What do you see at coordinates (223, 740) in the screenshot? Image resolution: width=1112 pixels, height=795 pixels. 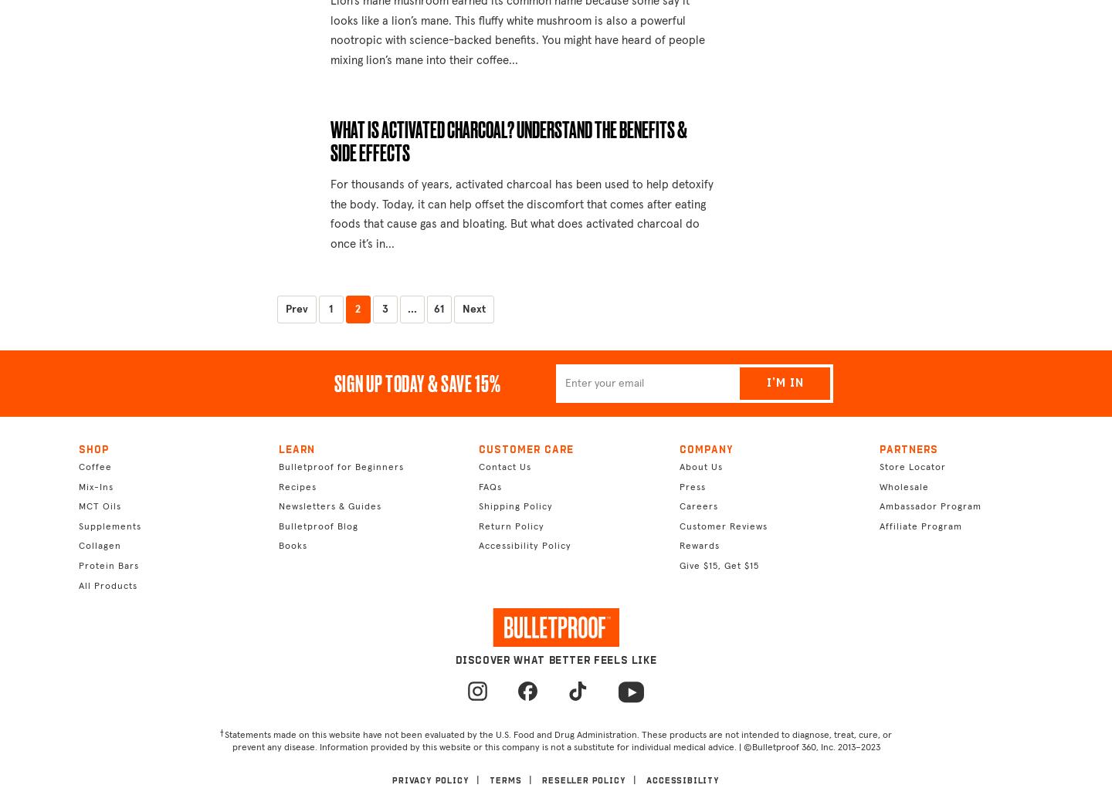 I see `'Statements made on this website have not been evaluated by the U.S. Food and Drug Administration. These products are not intended to diagnose, treat, cure, or prevent any disease. Information provided by this website or this company is not a substitute for individual medical advice. |'` at bounding box center [223, 740].